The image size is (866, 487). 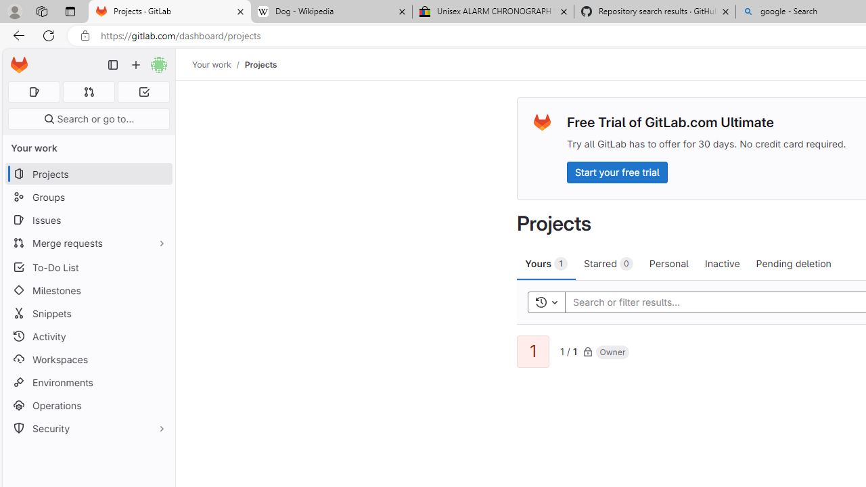 What do you see at coordinates (136, 65) in the screenshot?
I see `'Create new...'` at bounding box center [136, 65].